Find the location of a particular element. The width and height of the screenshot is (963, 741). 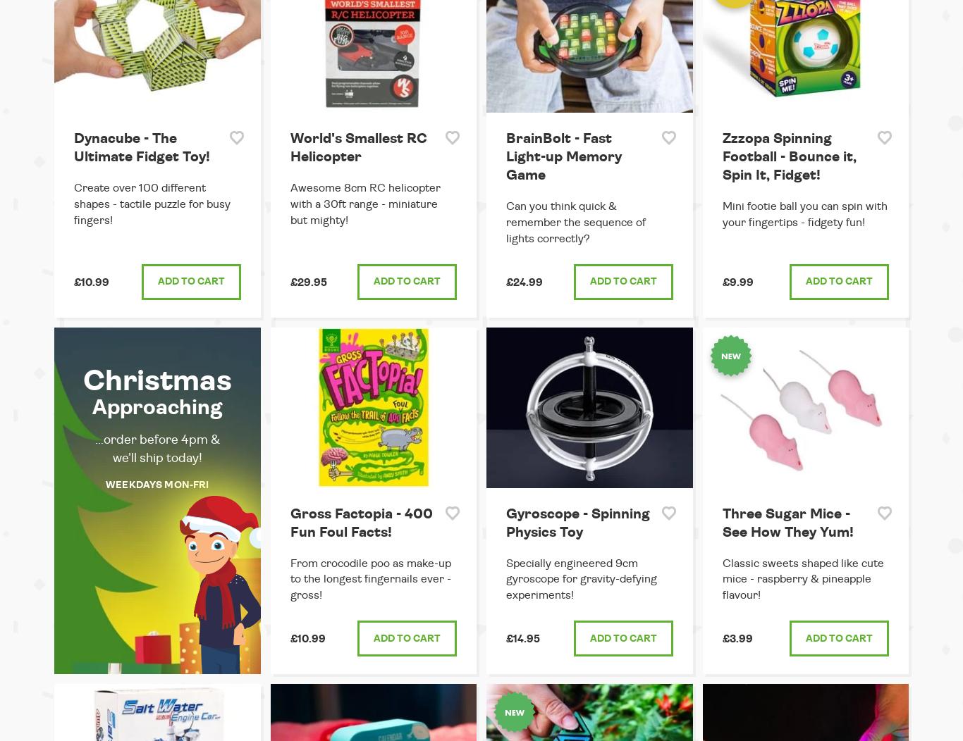

'Specially engineered 9cm gyroscope for gravity-defying experiments!' is located at coordinates (581, 579).